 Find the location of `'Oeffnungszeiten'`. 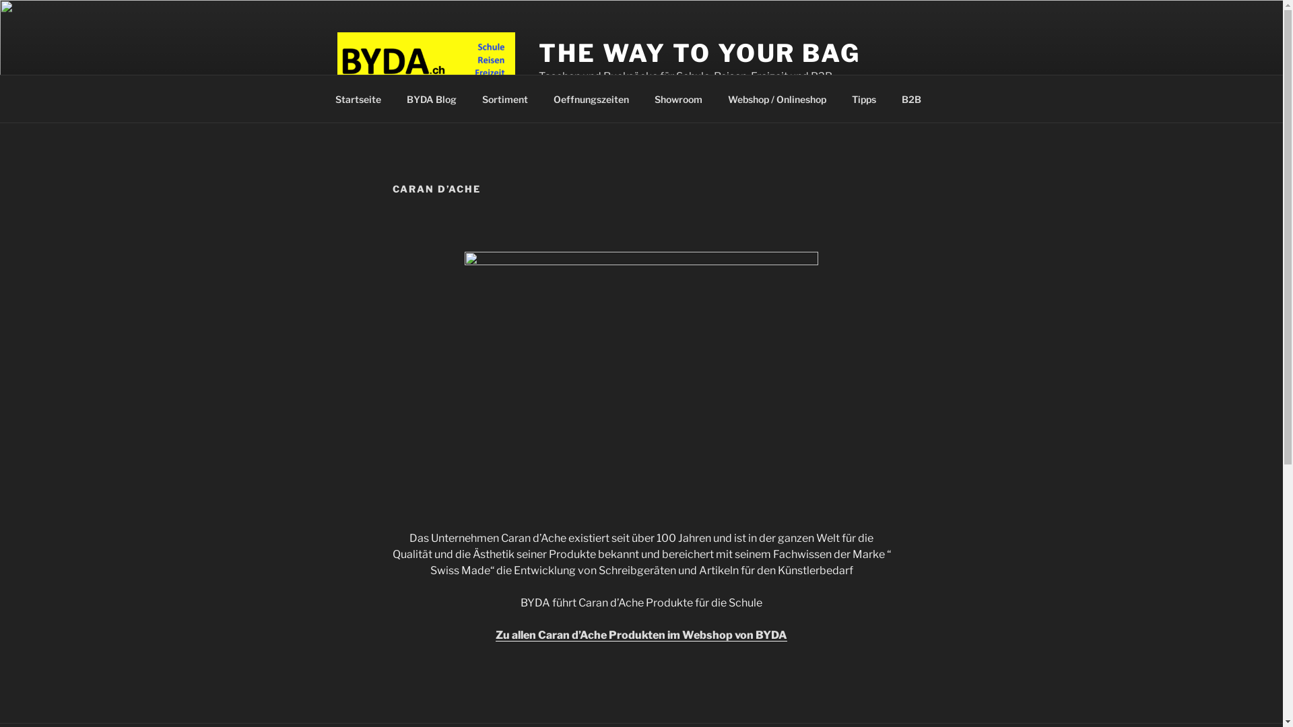

'Oeffnungszeiten' is located at coordinates (591, 98).